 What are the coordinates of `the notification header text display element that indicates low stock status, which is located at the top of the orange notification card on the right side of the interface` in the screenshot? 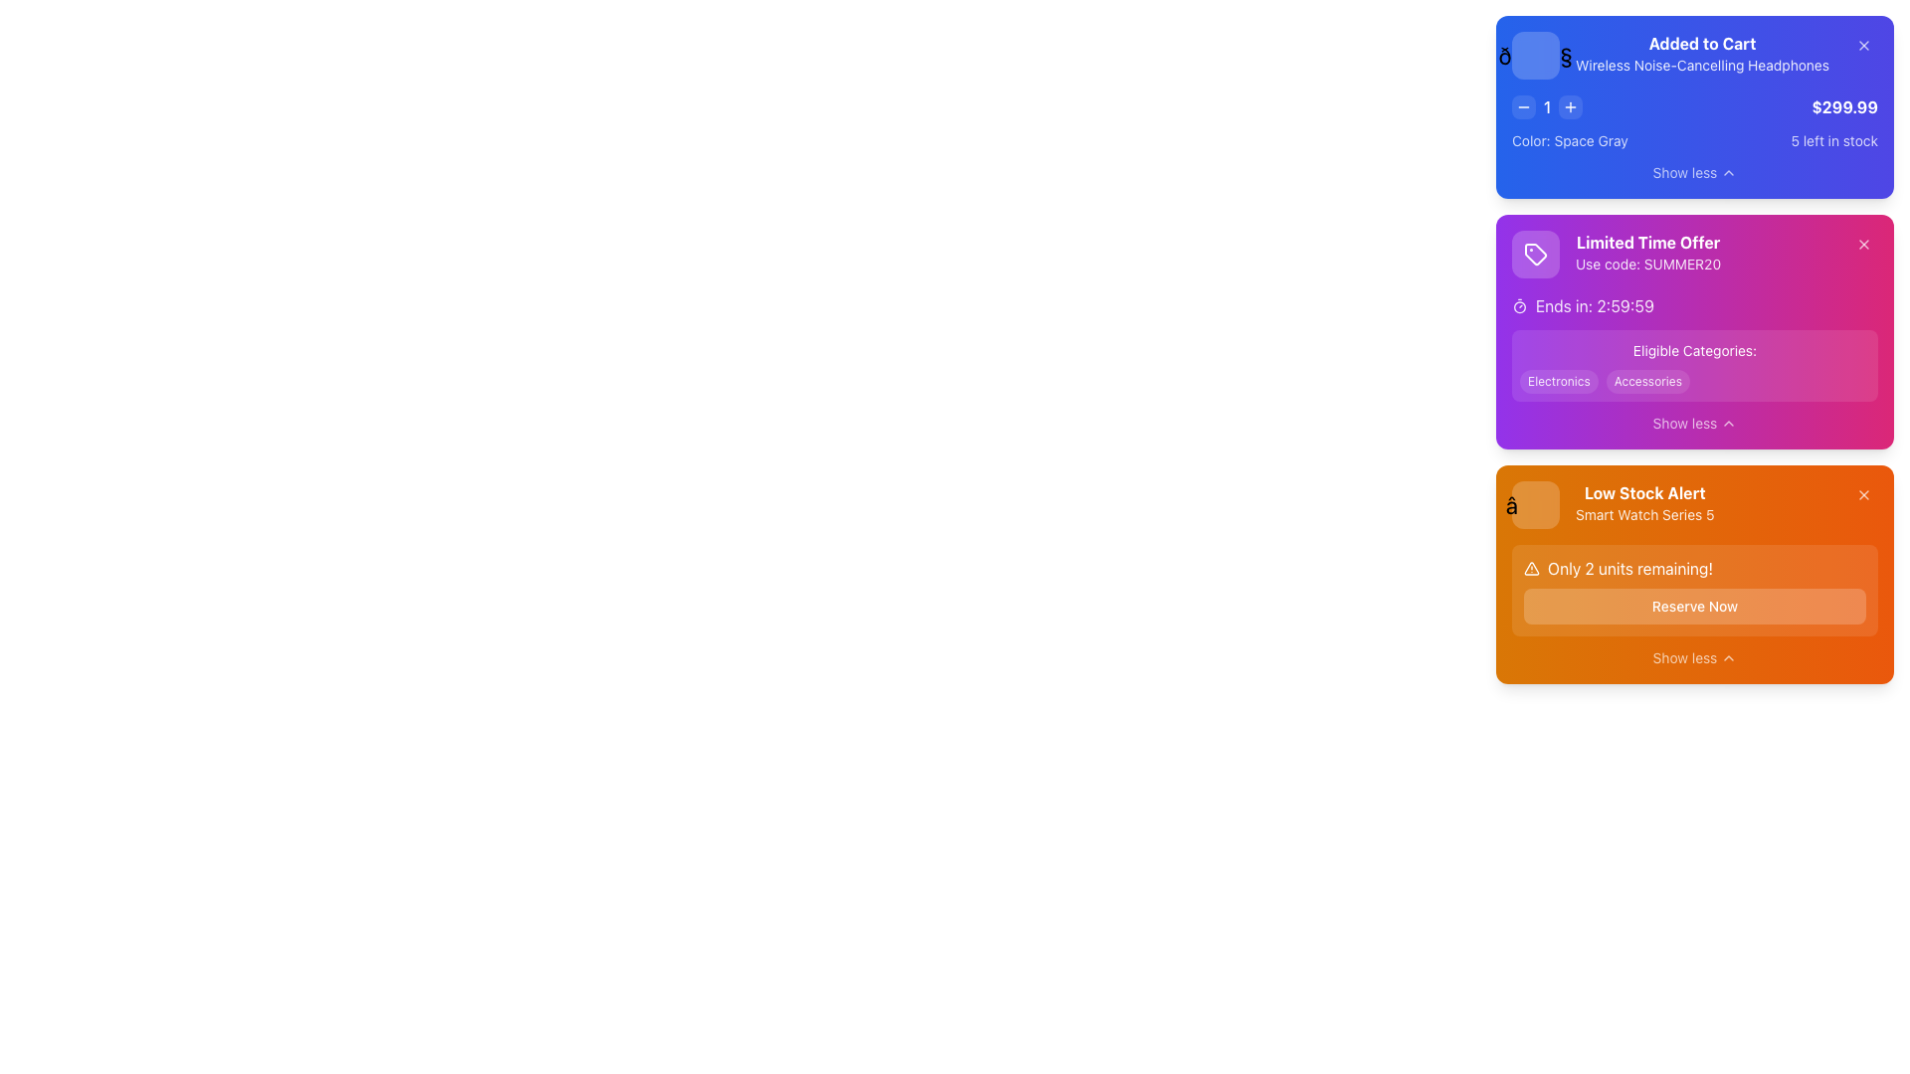 It's located at (1694, 504).